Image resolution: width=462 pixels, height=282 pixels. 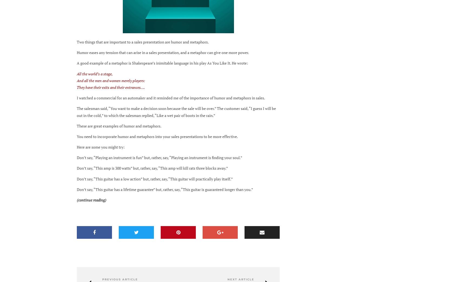 What do you see at coordinates (143, 42) in the screenshot?
I see `'Two things that are important to a sales presentation are humor and metaphors.'` at bounding box center [143, 42].